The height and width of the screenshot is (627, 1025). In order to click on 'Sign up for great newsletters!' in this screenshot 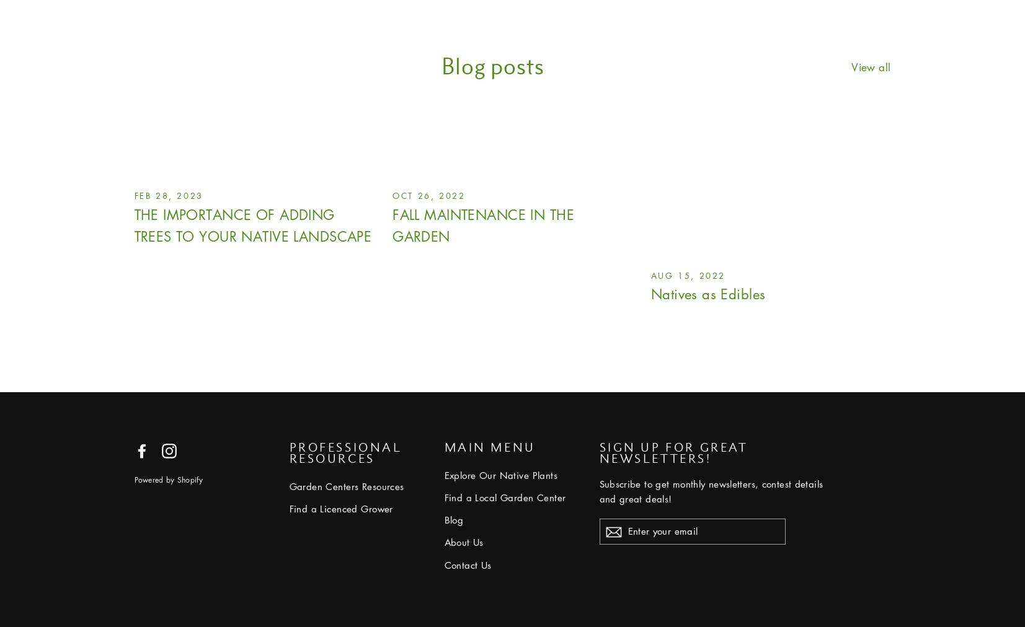, I will do `click(673, 452)`.